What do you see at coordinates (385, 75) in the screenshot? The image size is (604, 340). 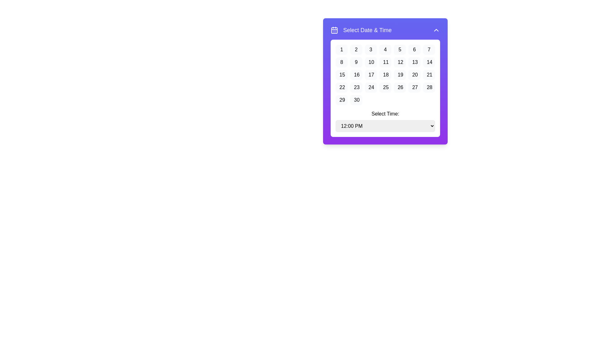 I see `the calendar day selector in the interactive grid` at bounding box center [385, 75].